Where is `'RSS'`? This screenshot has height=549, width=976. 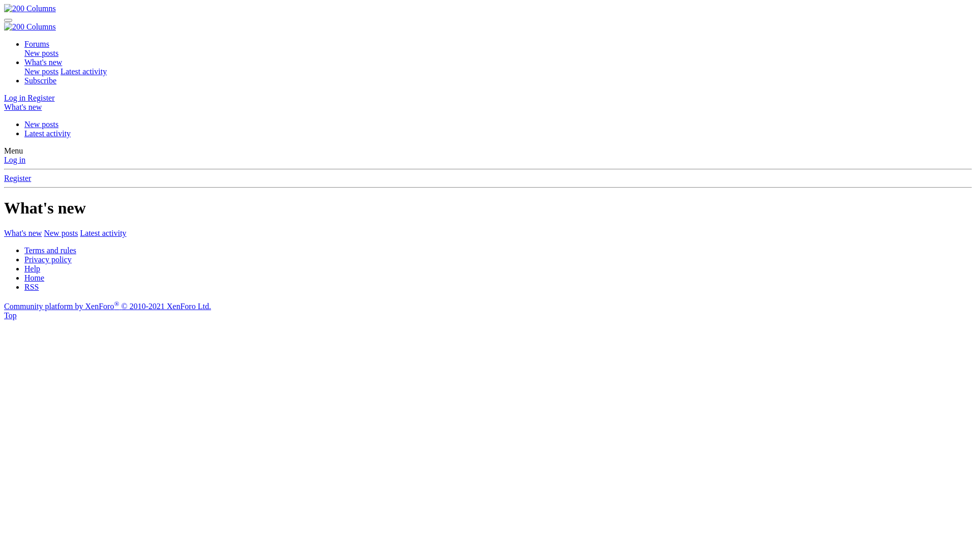
'RSS' is located at coordinates (32, 287).